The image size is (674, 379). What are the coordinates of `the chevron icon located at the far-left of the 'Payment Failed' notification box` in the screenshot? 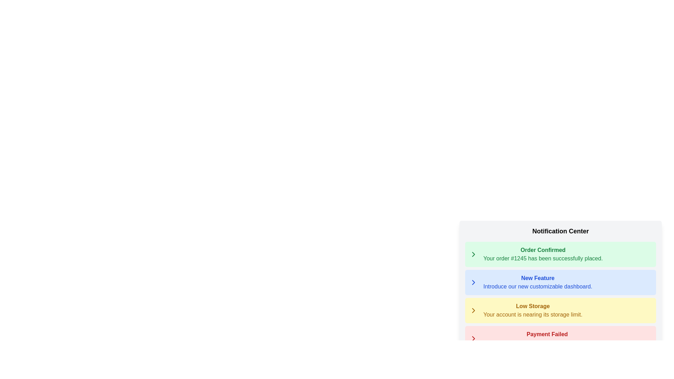 It's located at (473, 338).